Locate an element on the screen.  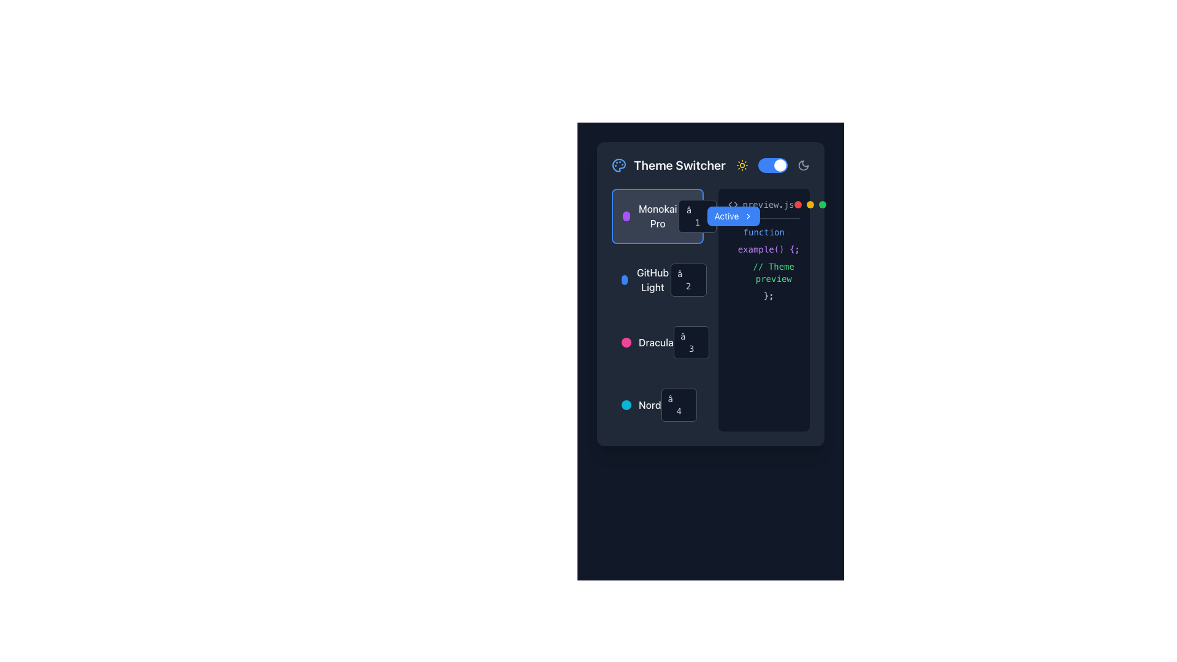
the text label 'Monokai Pro' which serves as the identifier for its theme option in the theme selection menu to associate it with its theme group is located at coordinates (657, 216).